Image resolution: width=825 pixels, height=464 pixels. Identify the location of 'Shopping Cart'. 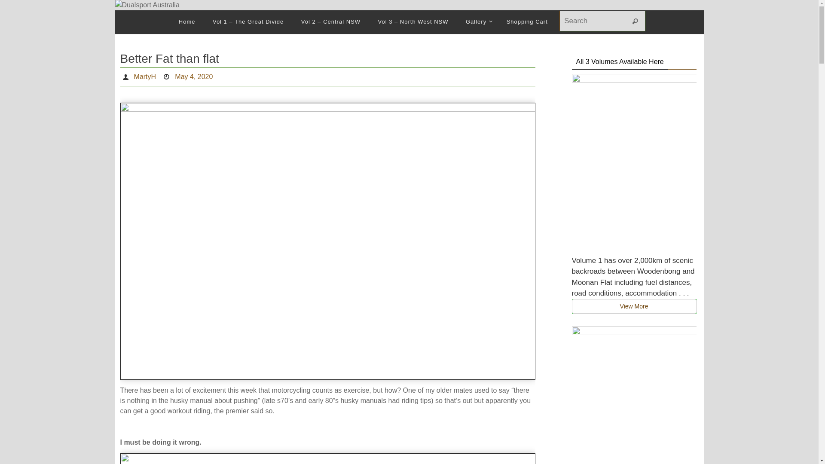
(527, 21).